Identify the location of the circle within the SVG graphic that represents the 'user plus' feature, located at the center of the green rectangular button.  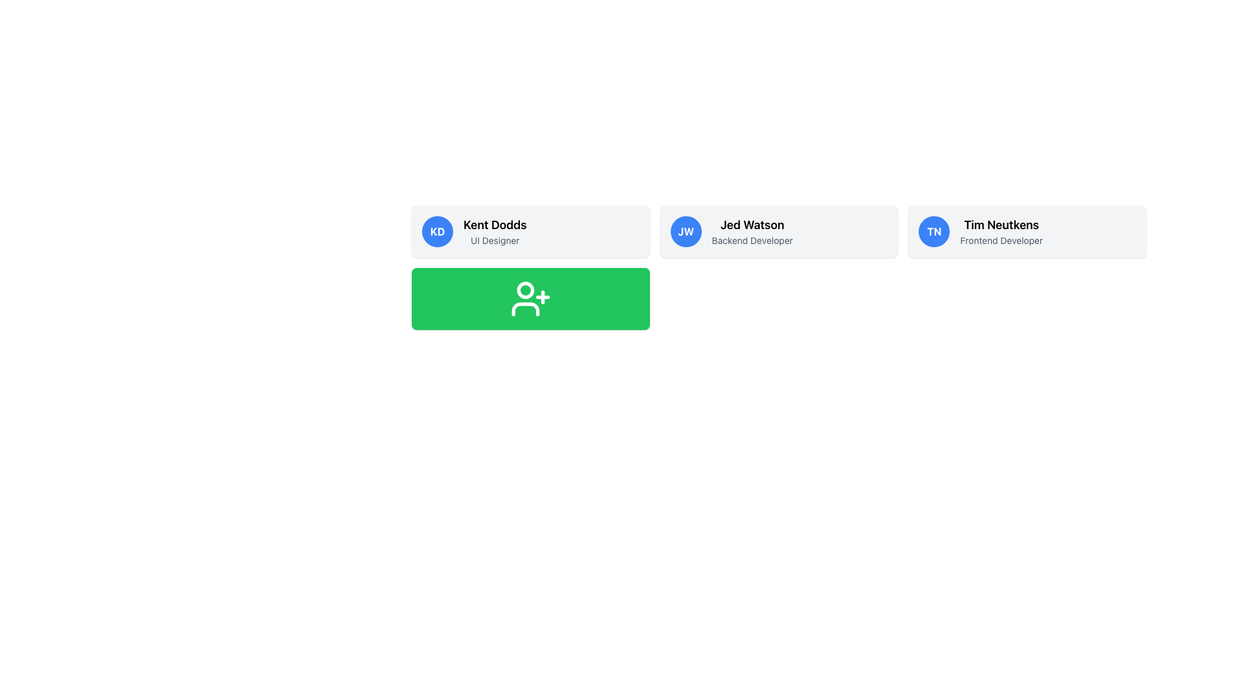
(525, 289).